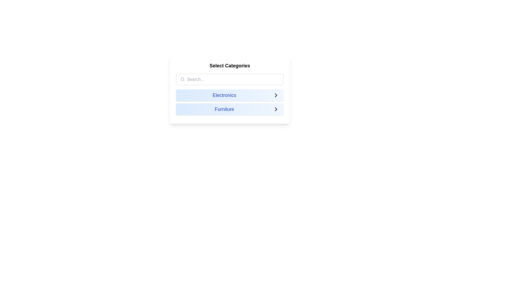  Describe the element at coordinates (276, 95) in the screenshot. I see `the rightward chevron icon located at the far-right of the 'Electronics' row` at that location.